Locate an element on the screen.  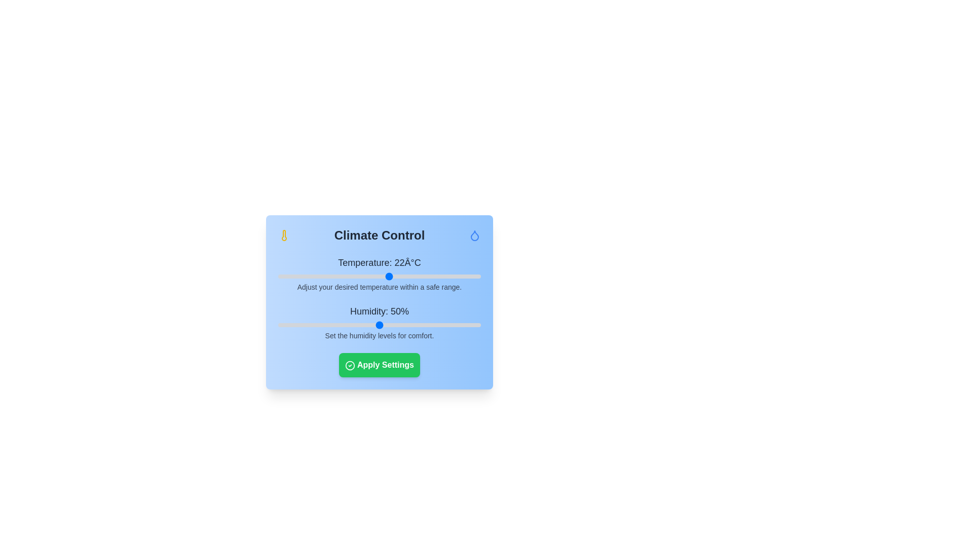
the temperature is located at coordinates (369, 277).